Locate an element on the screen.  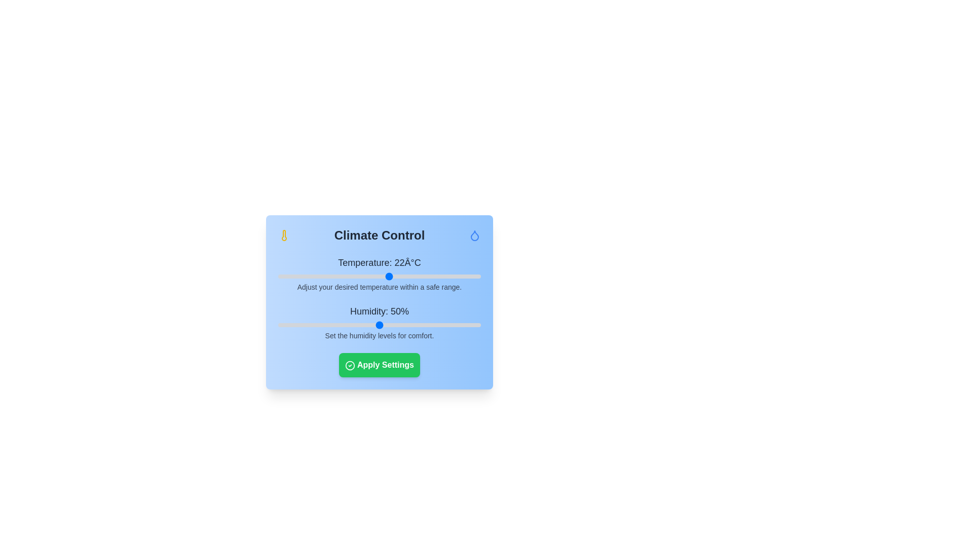
the temperature is located at coordinates (369, 277).